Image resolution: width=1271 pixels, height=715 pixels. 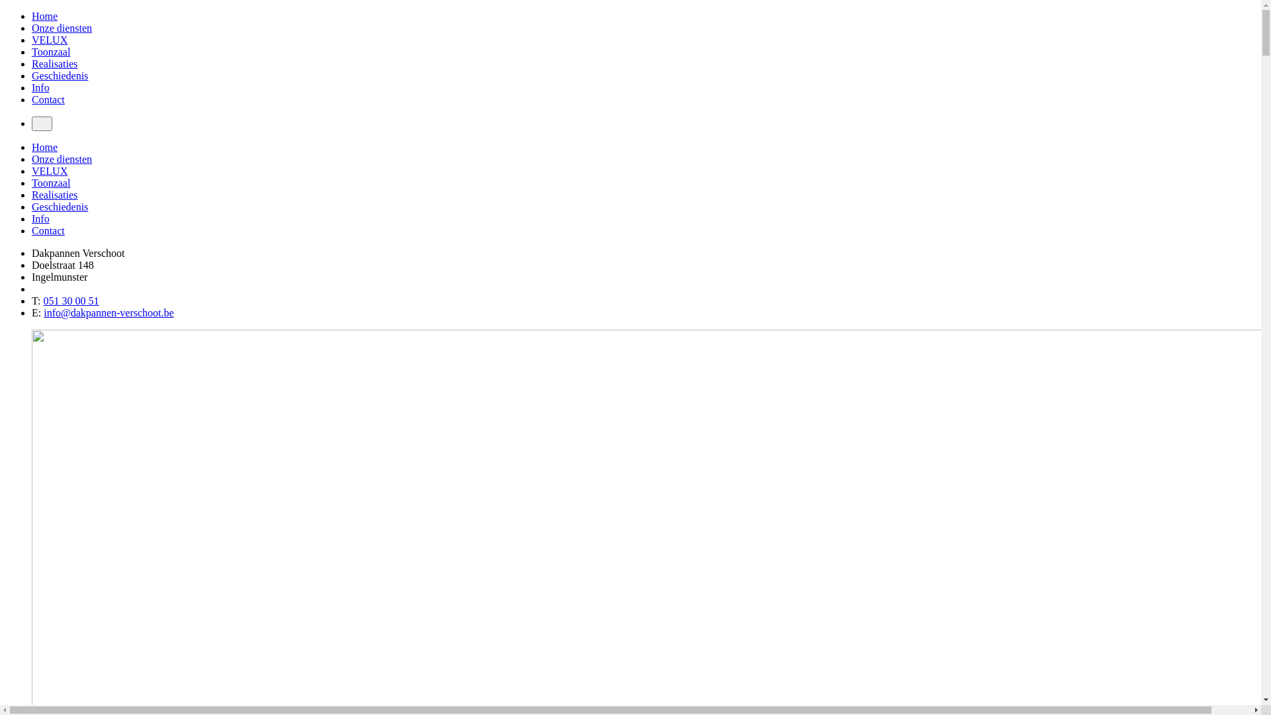 What do you see at coordinates (48, 99) in the screenshot?
I see `'Contact'` at bounding box center [48, 99].